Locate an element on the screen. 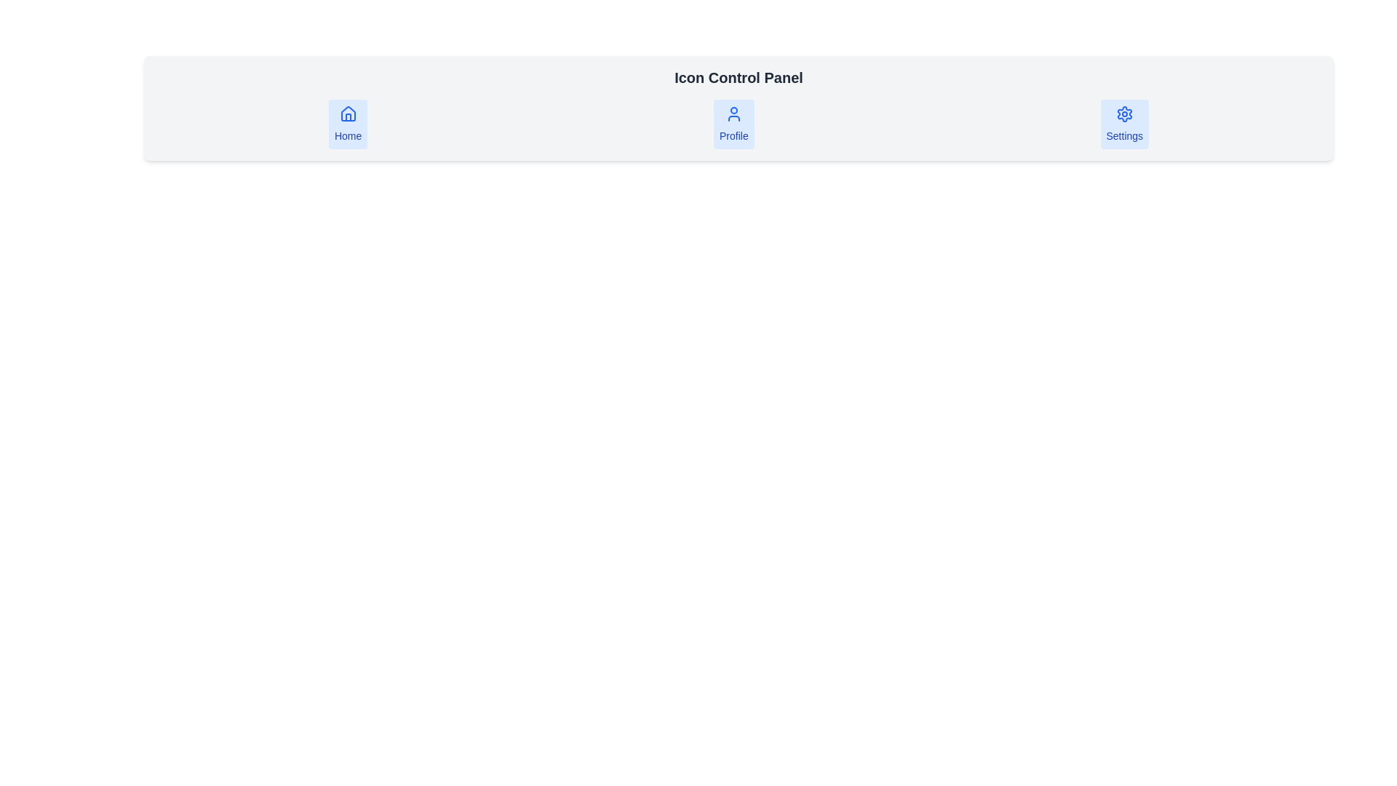  the 'Settings' button with a light blue background and a blue gear icon is located at coordinates (1123, 123).